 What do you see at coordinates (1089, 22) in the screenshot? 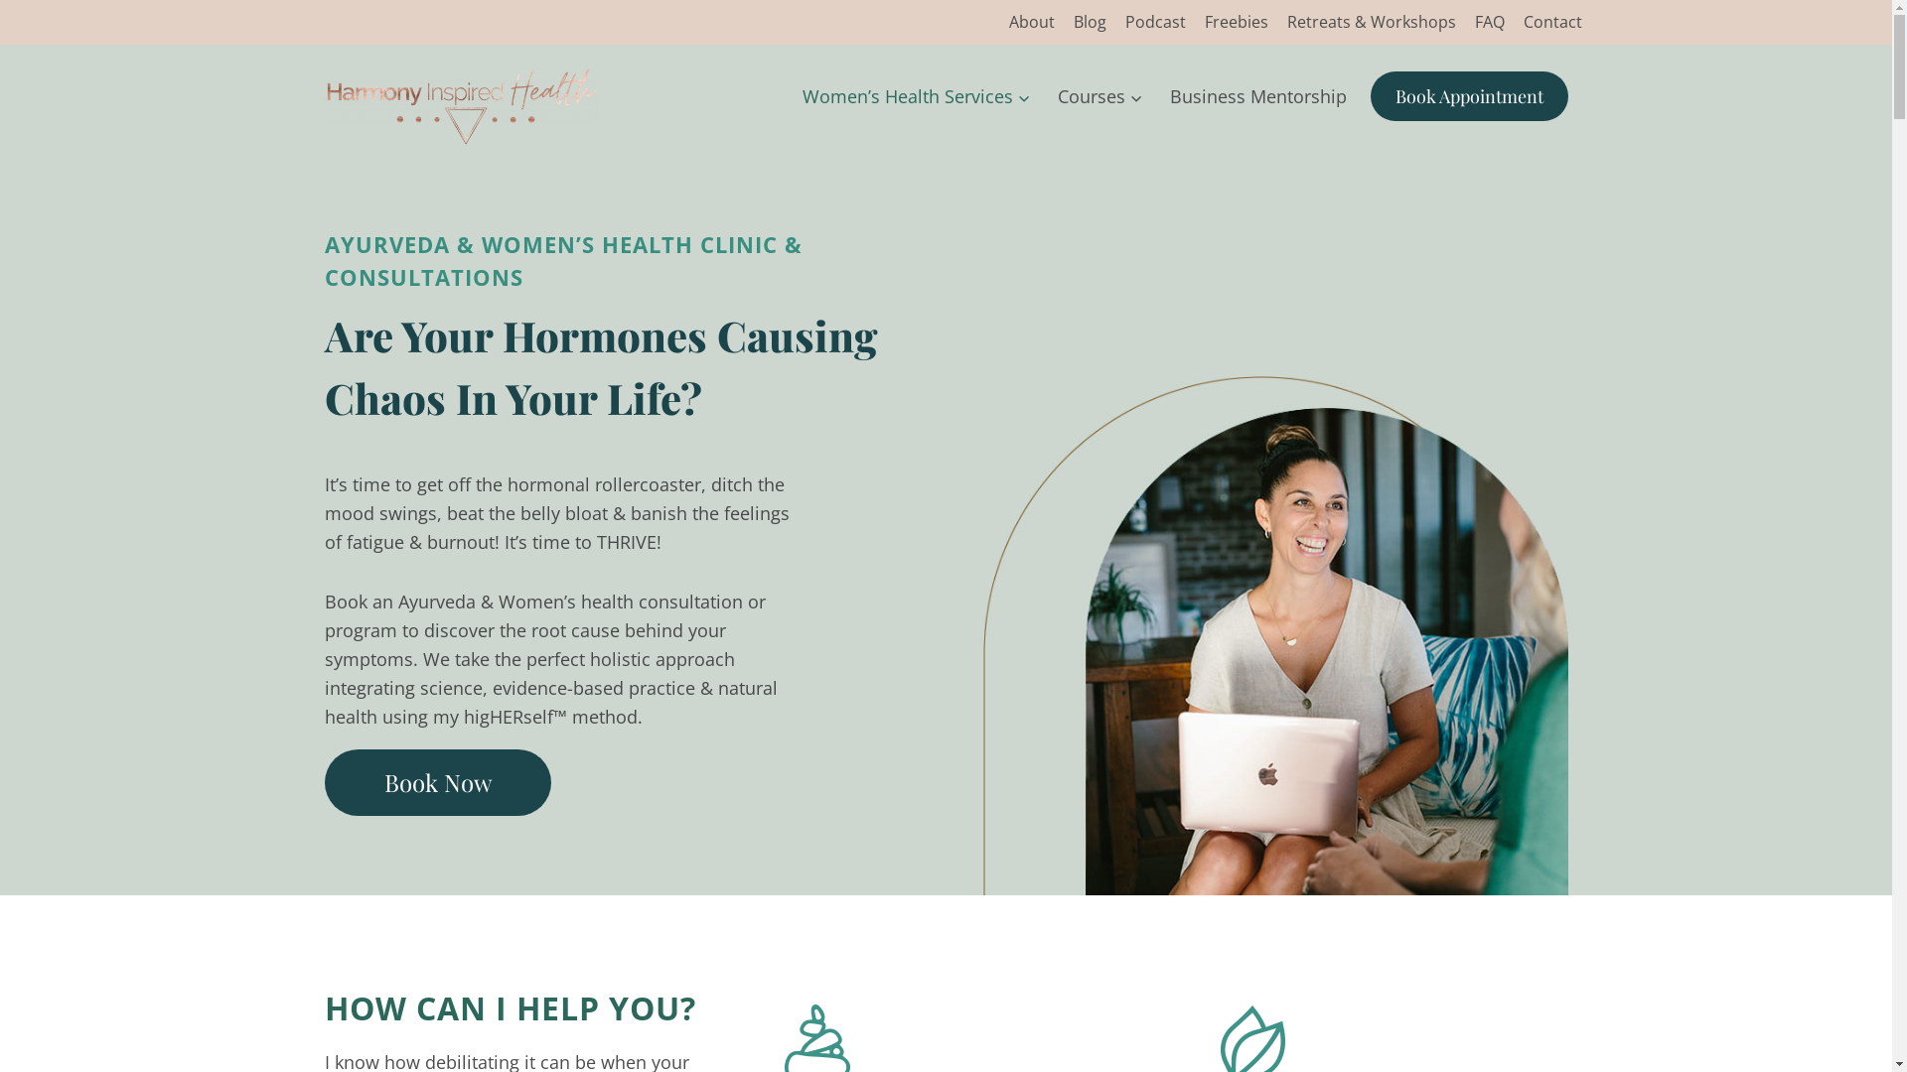
I see `'Blog'` at bounding box center [1089, 22].